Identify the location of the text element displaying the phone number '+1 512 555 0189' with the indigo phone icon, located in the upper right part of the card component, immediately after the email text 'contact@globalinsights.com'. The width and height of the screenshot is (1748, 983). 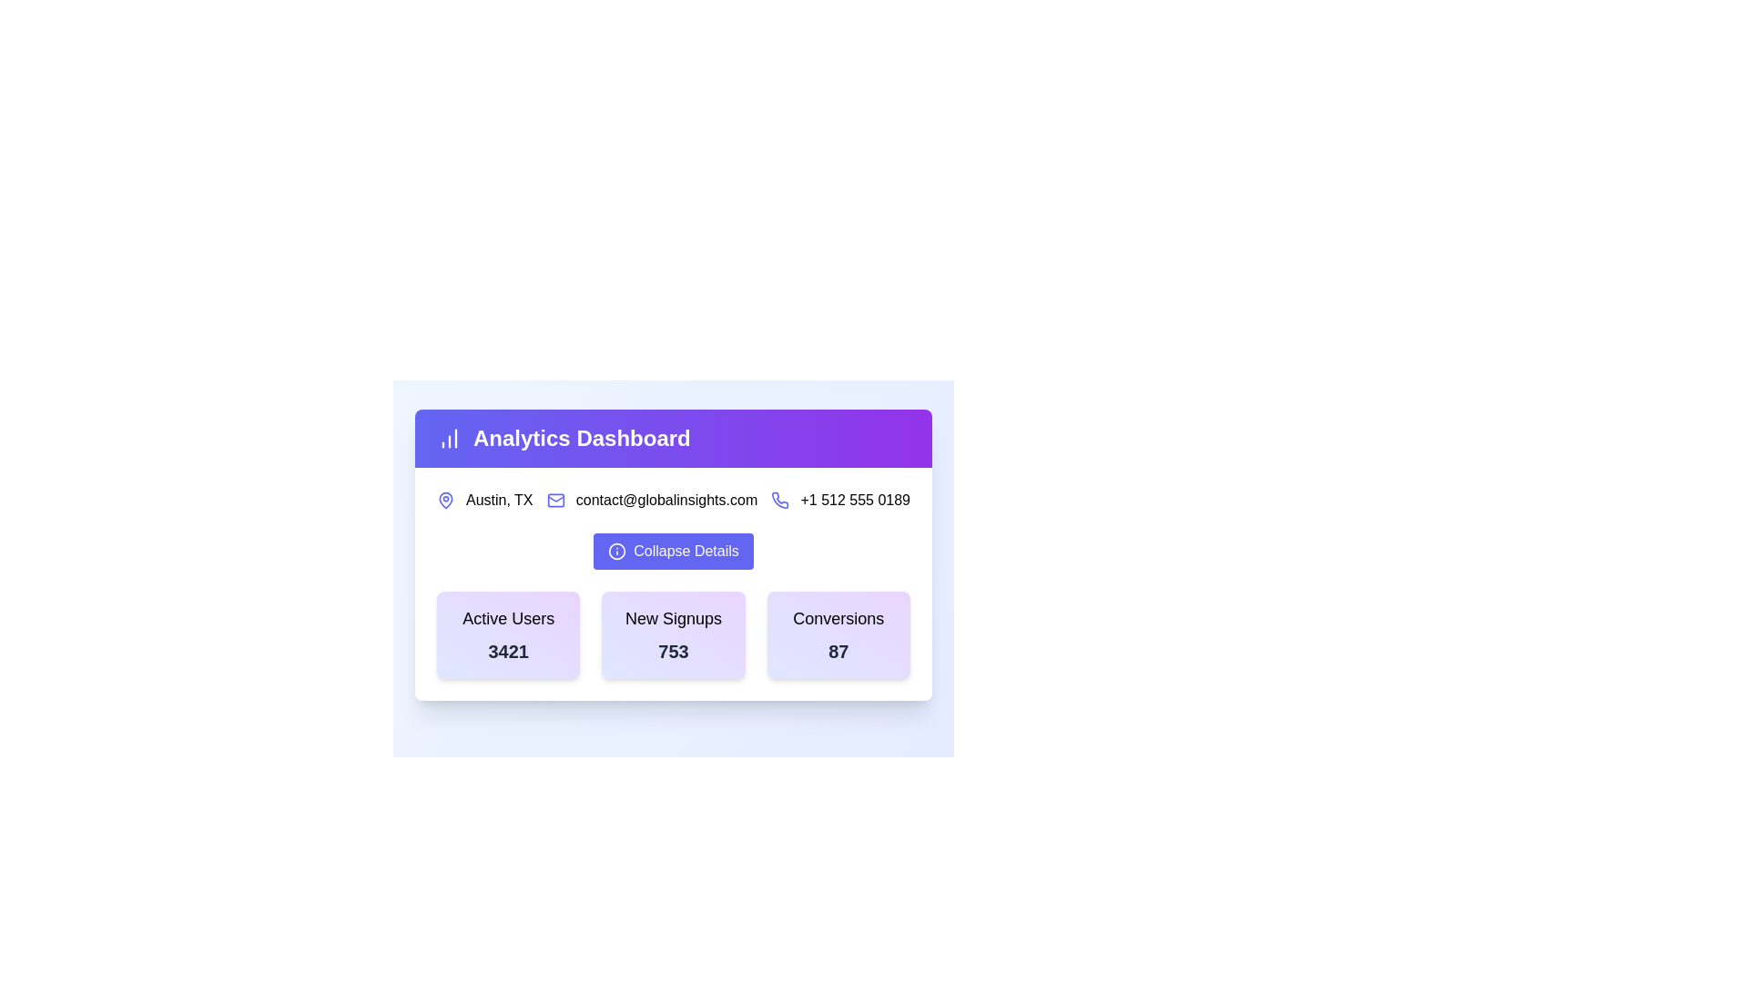
(839, 501).